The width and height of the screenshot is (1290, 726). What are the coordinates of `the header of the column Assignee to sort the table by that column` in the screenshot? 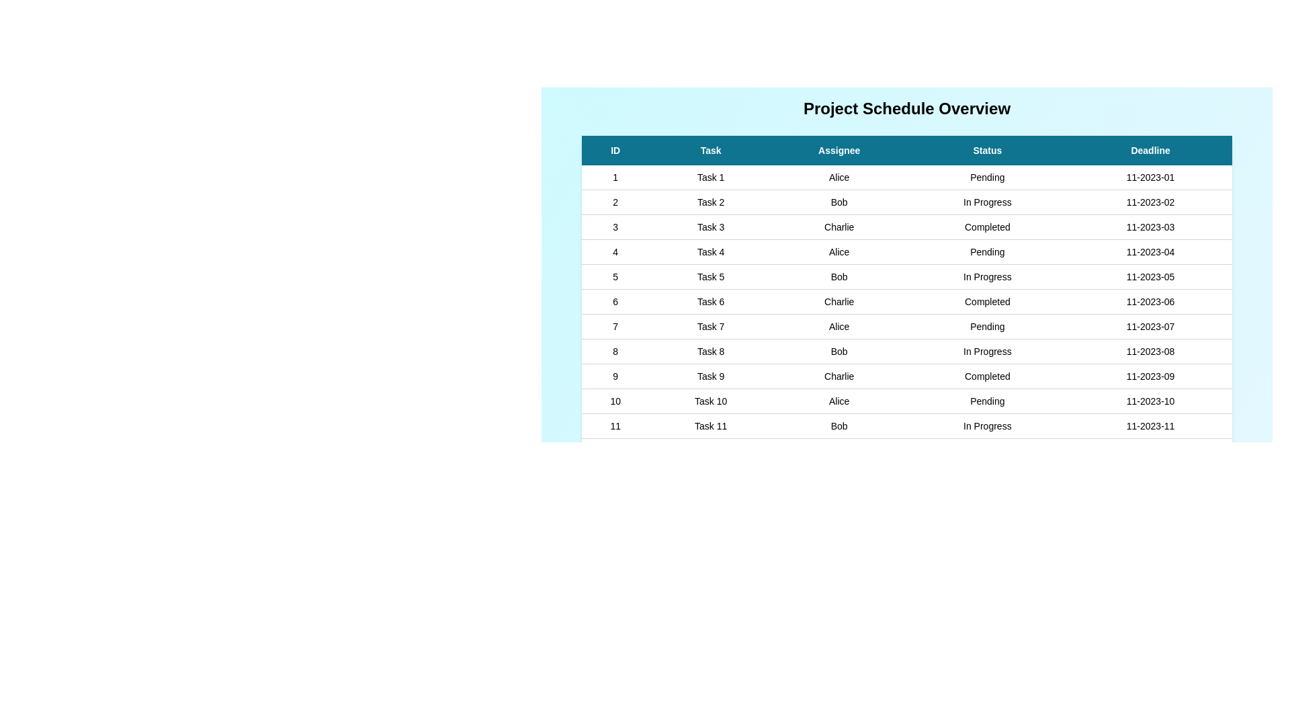 It's located at (838, 150).